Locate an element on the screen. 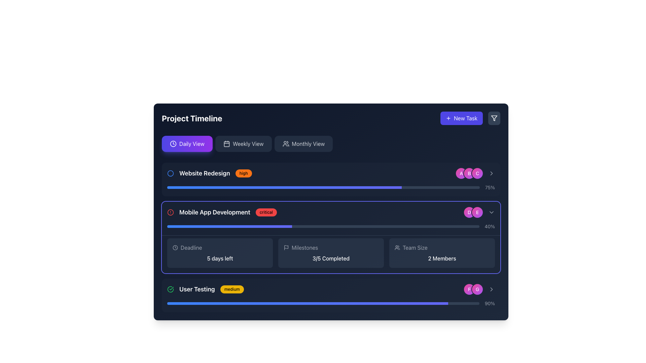 Image resolution: width=646 pixels, height=363 pixels. the third button in the horizontal sequence of view selector buttons to switch to the monthly view is located at coordinates (303, 144).